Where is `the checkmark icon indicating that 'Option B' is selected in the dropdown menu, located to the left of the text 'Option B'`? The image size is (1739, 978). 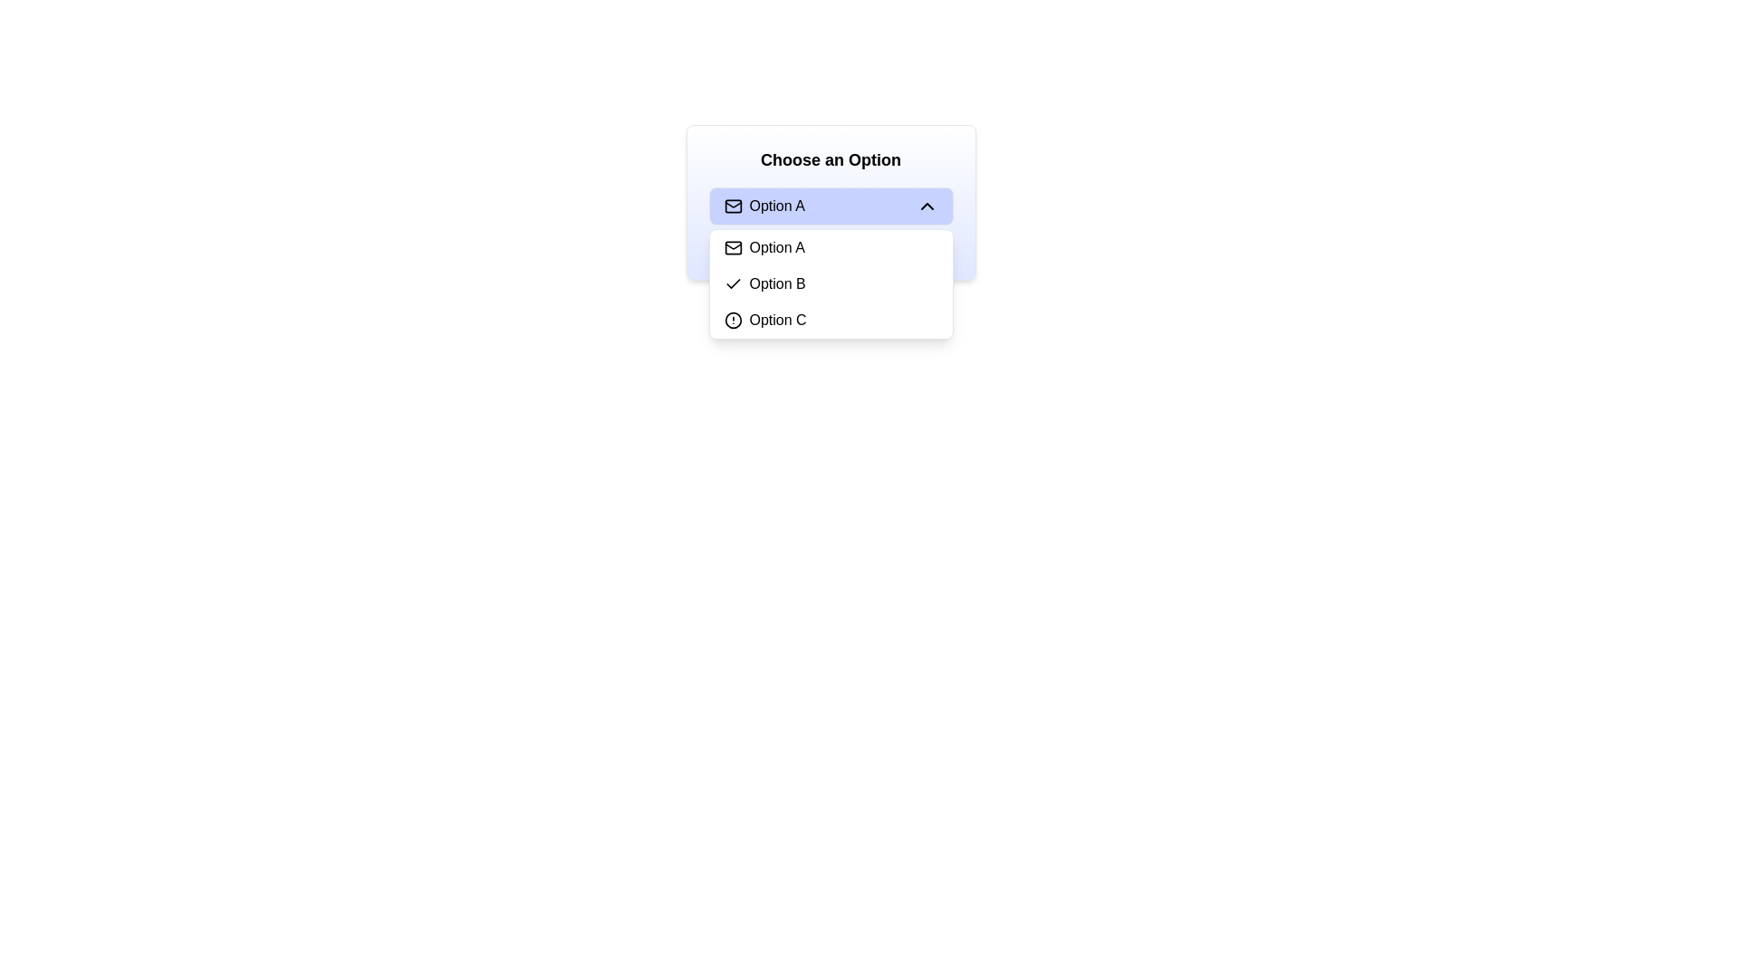
the checkmark icon indicating that 'Option B' is selected in the dropdown menu, located to the left of the text 'Option B' is located at coordinates (733, 283).